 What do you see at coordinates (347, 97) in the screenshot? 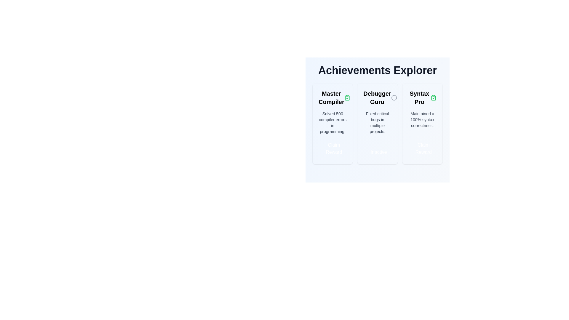
I see `the achievement completion icon located to the right of the 'Master Compiler' text, indicating the successful completion of the achievement` at bounding box center [347, 97].